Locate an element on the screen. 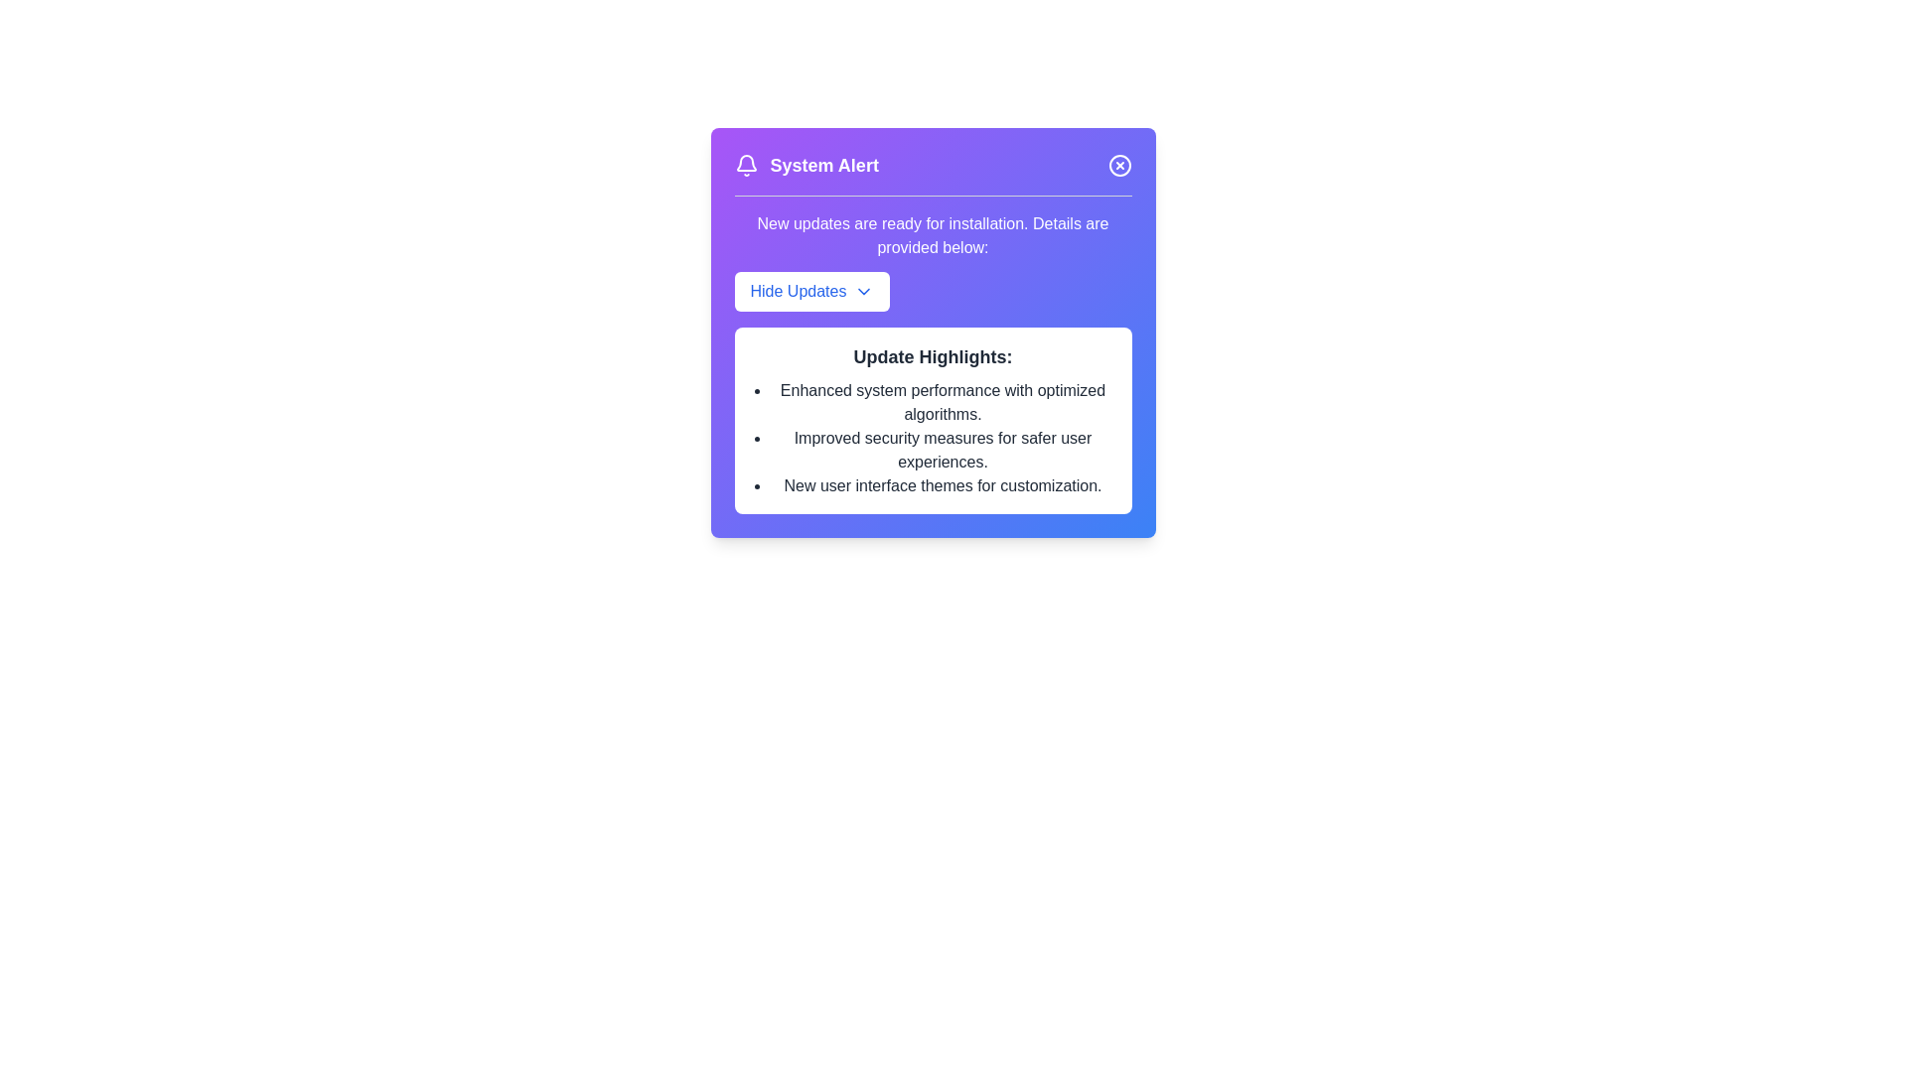  the close button to close the notification panel is located at coordinates (1119, 164).